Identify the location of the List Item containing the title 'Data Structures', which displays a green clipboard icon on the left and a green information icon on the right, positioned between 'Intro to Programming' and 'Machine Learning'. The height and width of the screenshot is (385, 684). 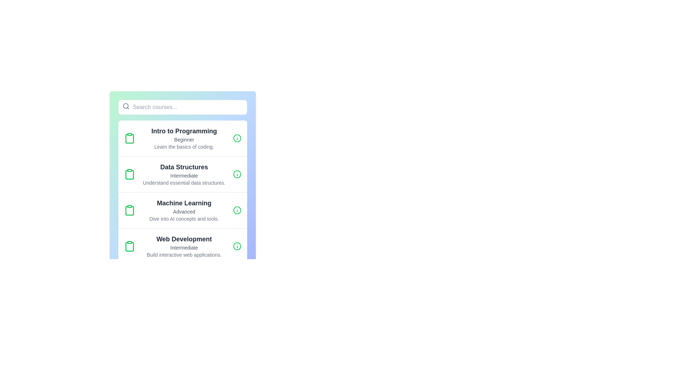
(183, 174).